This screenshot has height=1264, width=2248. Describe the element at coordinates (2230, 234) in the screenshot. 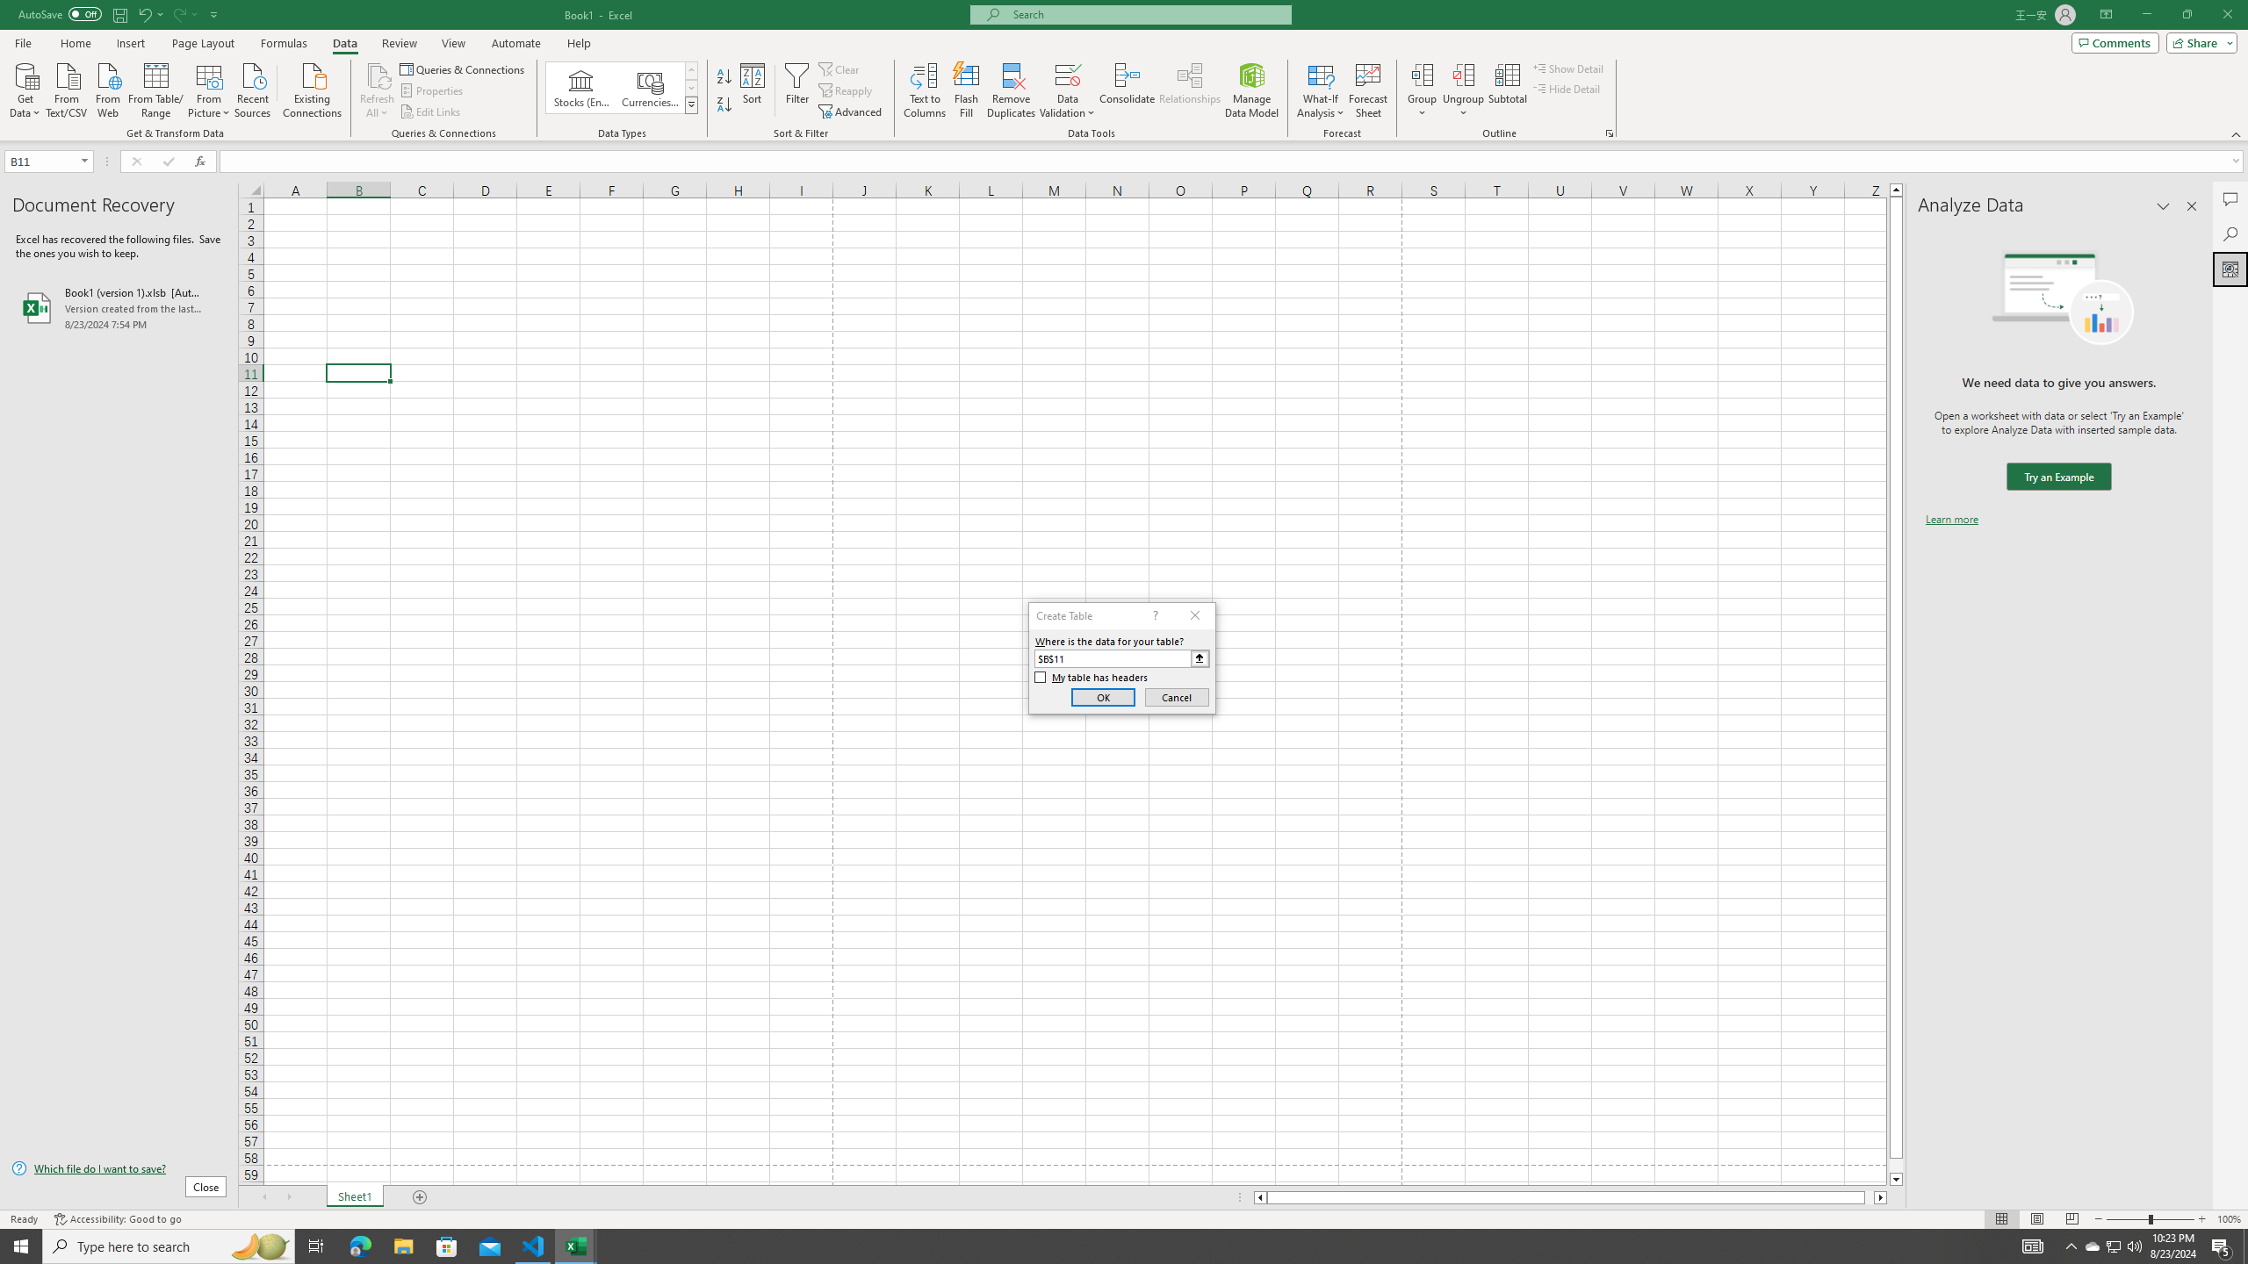

I see `'Search'` at that location.